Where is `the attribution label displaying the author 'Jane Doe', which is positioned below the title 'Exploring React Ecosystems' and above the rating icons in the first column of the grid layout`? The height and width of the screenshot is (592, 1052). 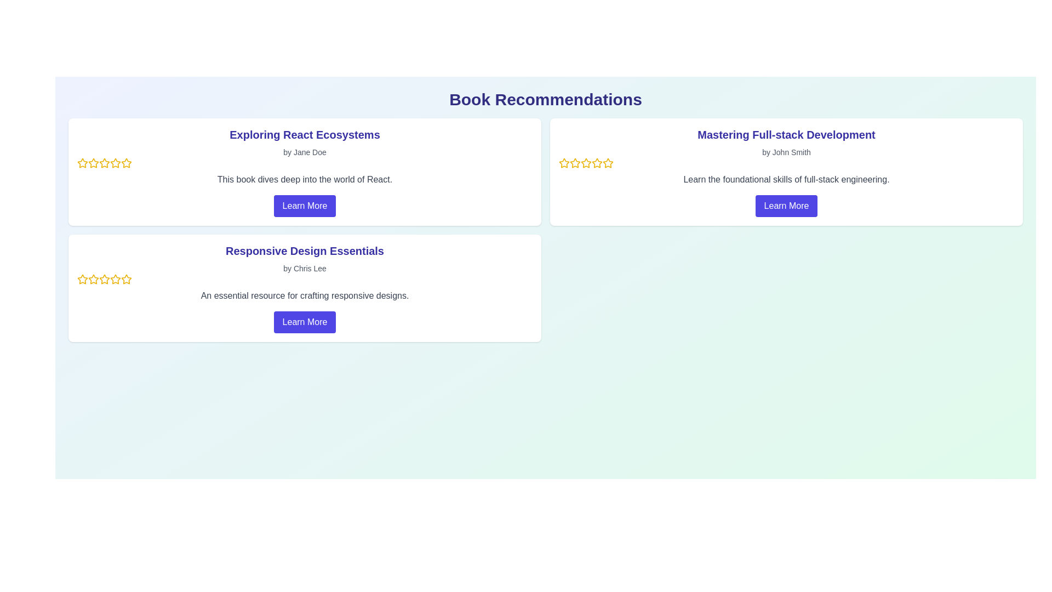
the attribution label displaying the author 'Jane Doe', which is positioned below the title 'Exploring React Ecosystems' and above the rating icons in the first column of the grid layout is located at coordinates (305, 152).